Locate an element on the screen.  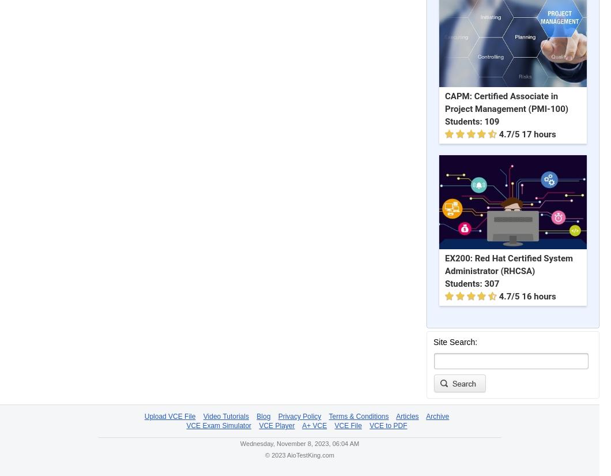
'CAPM: Certified Associate in Project Management (PMI-100)' is located at coordinates (506, 103).